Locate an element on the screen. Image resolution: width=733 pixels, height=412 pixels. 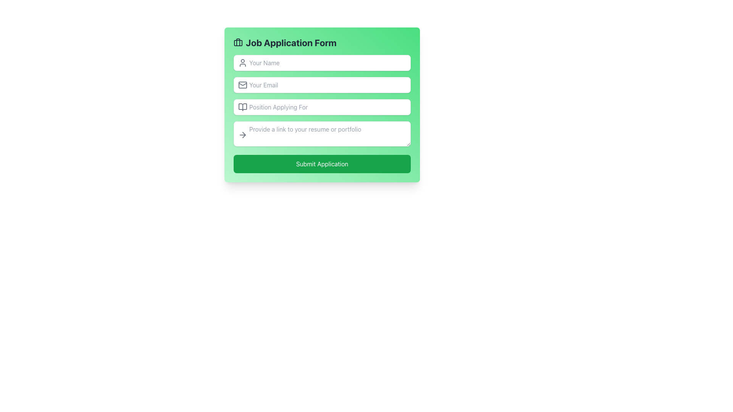
the rounded rectangular text input field that prompts 'Provide a link to your resume or portfolio' is located at coordinates (322, 134).